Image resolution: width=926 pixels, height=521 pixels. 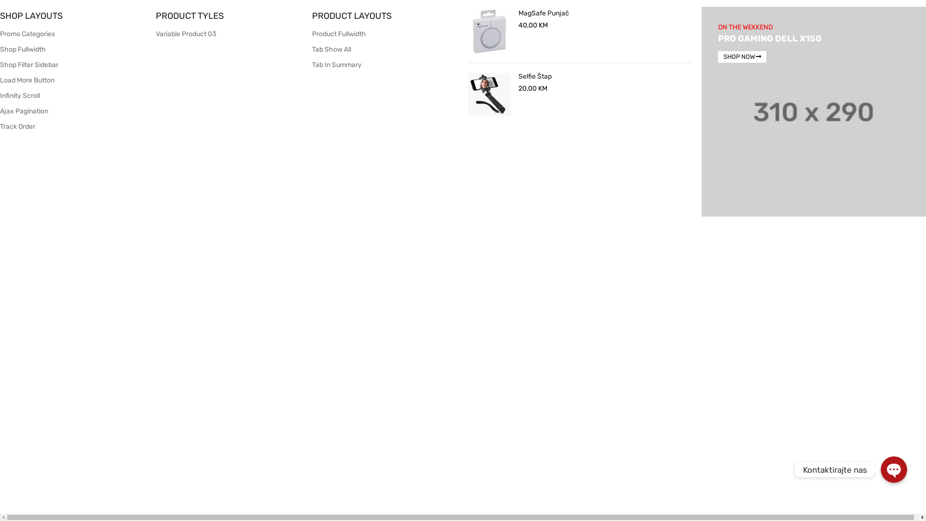 I want to click on 'Infinity Scroll', so click(x=20, y=96).